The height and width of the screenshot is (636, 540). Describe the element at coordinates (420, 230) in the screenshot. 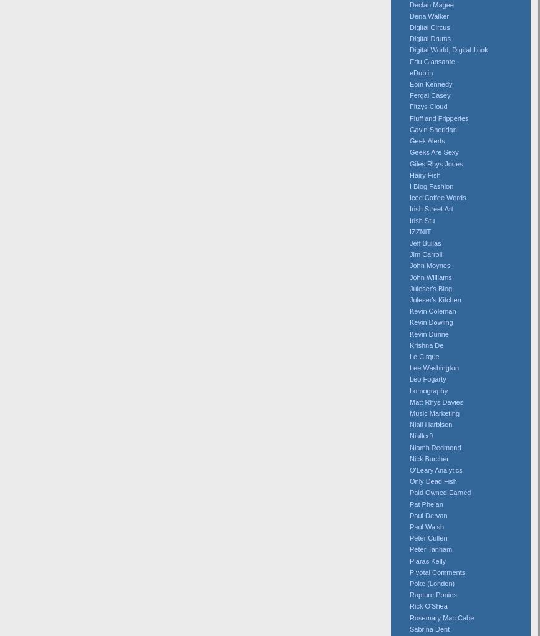

I see `'IZZNIT'` at that location.